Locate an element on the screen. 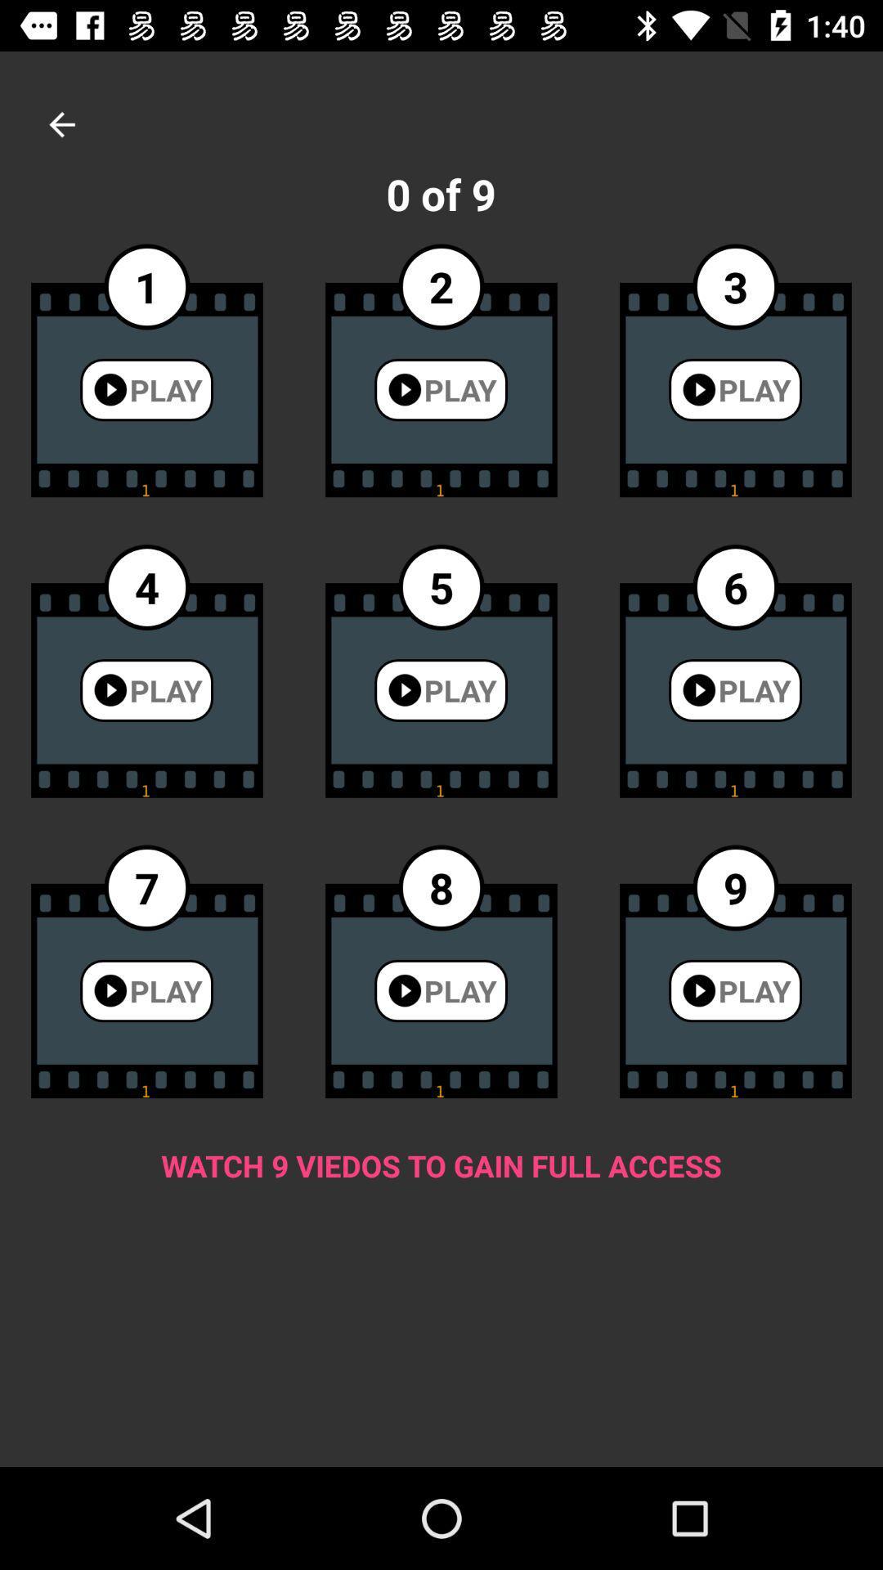  the arrow_backward icon is located at coordinates (61, 123).